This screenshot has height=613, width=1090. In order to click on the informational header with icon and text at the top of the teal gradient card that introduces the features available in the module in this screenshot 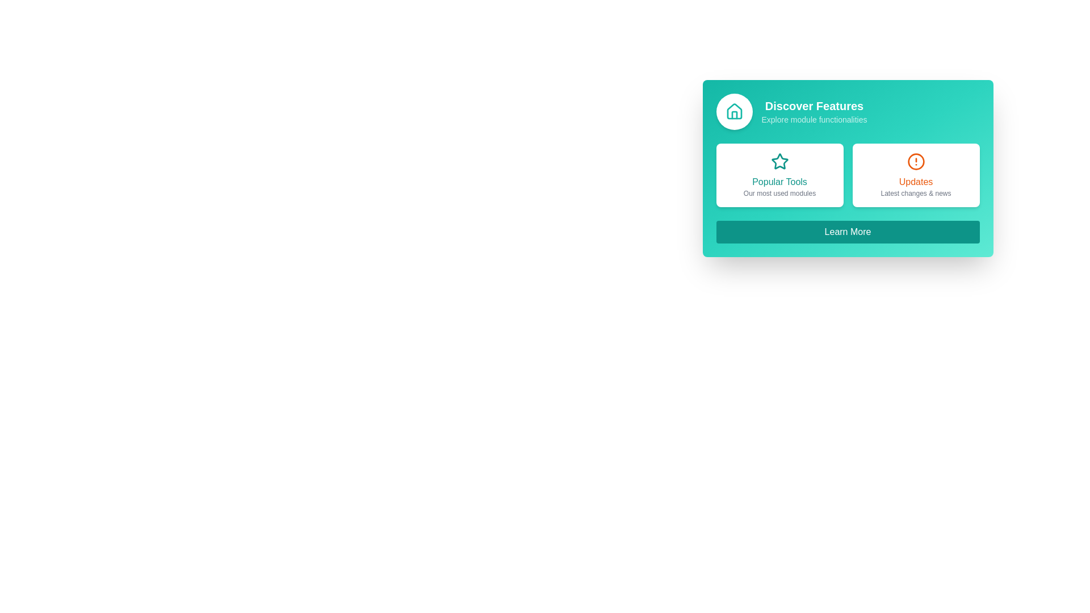, I will do `click(848, 111)`.